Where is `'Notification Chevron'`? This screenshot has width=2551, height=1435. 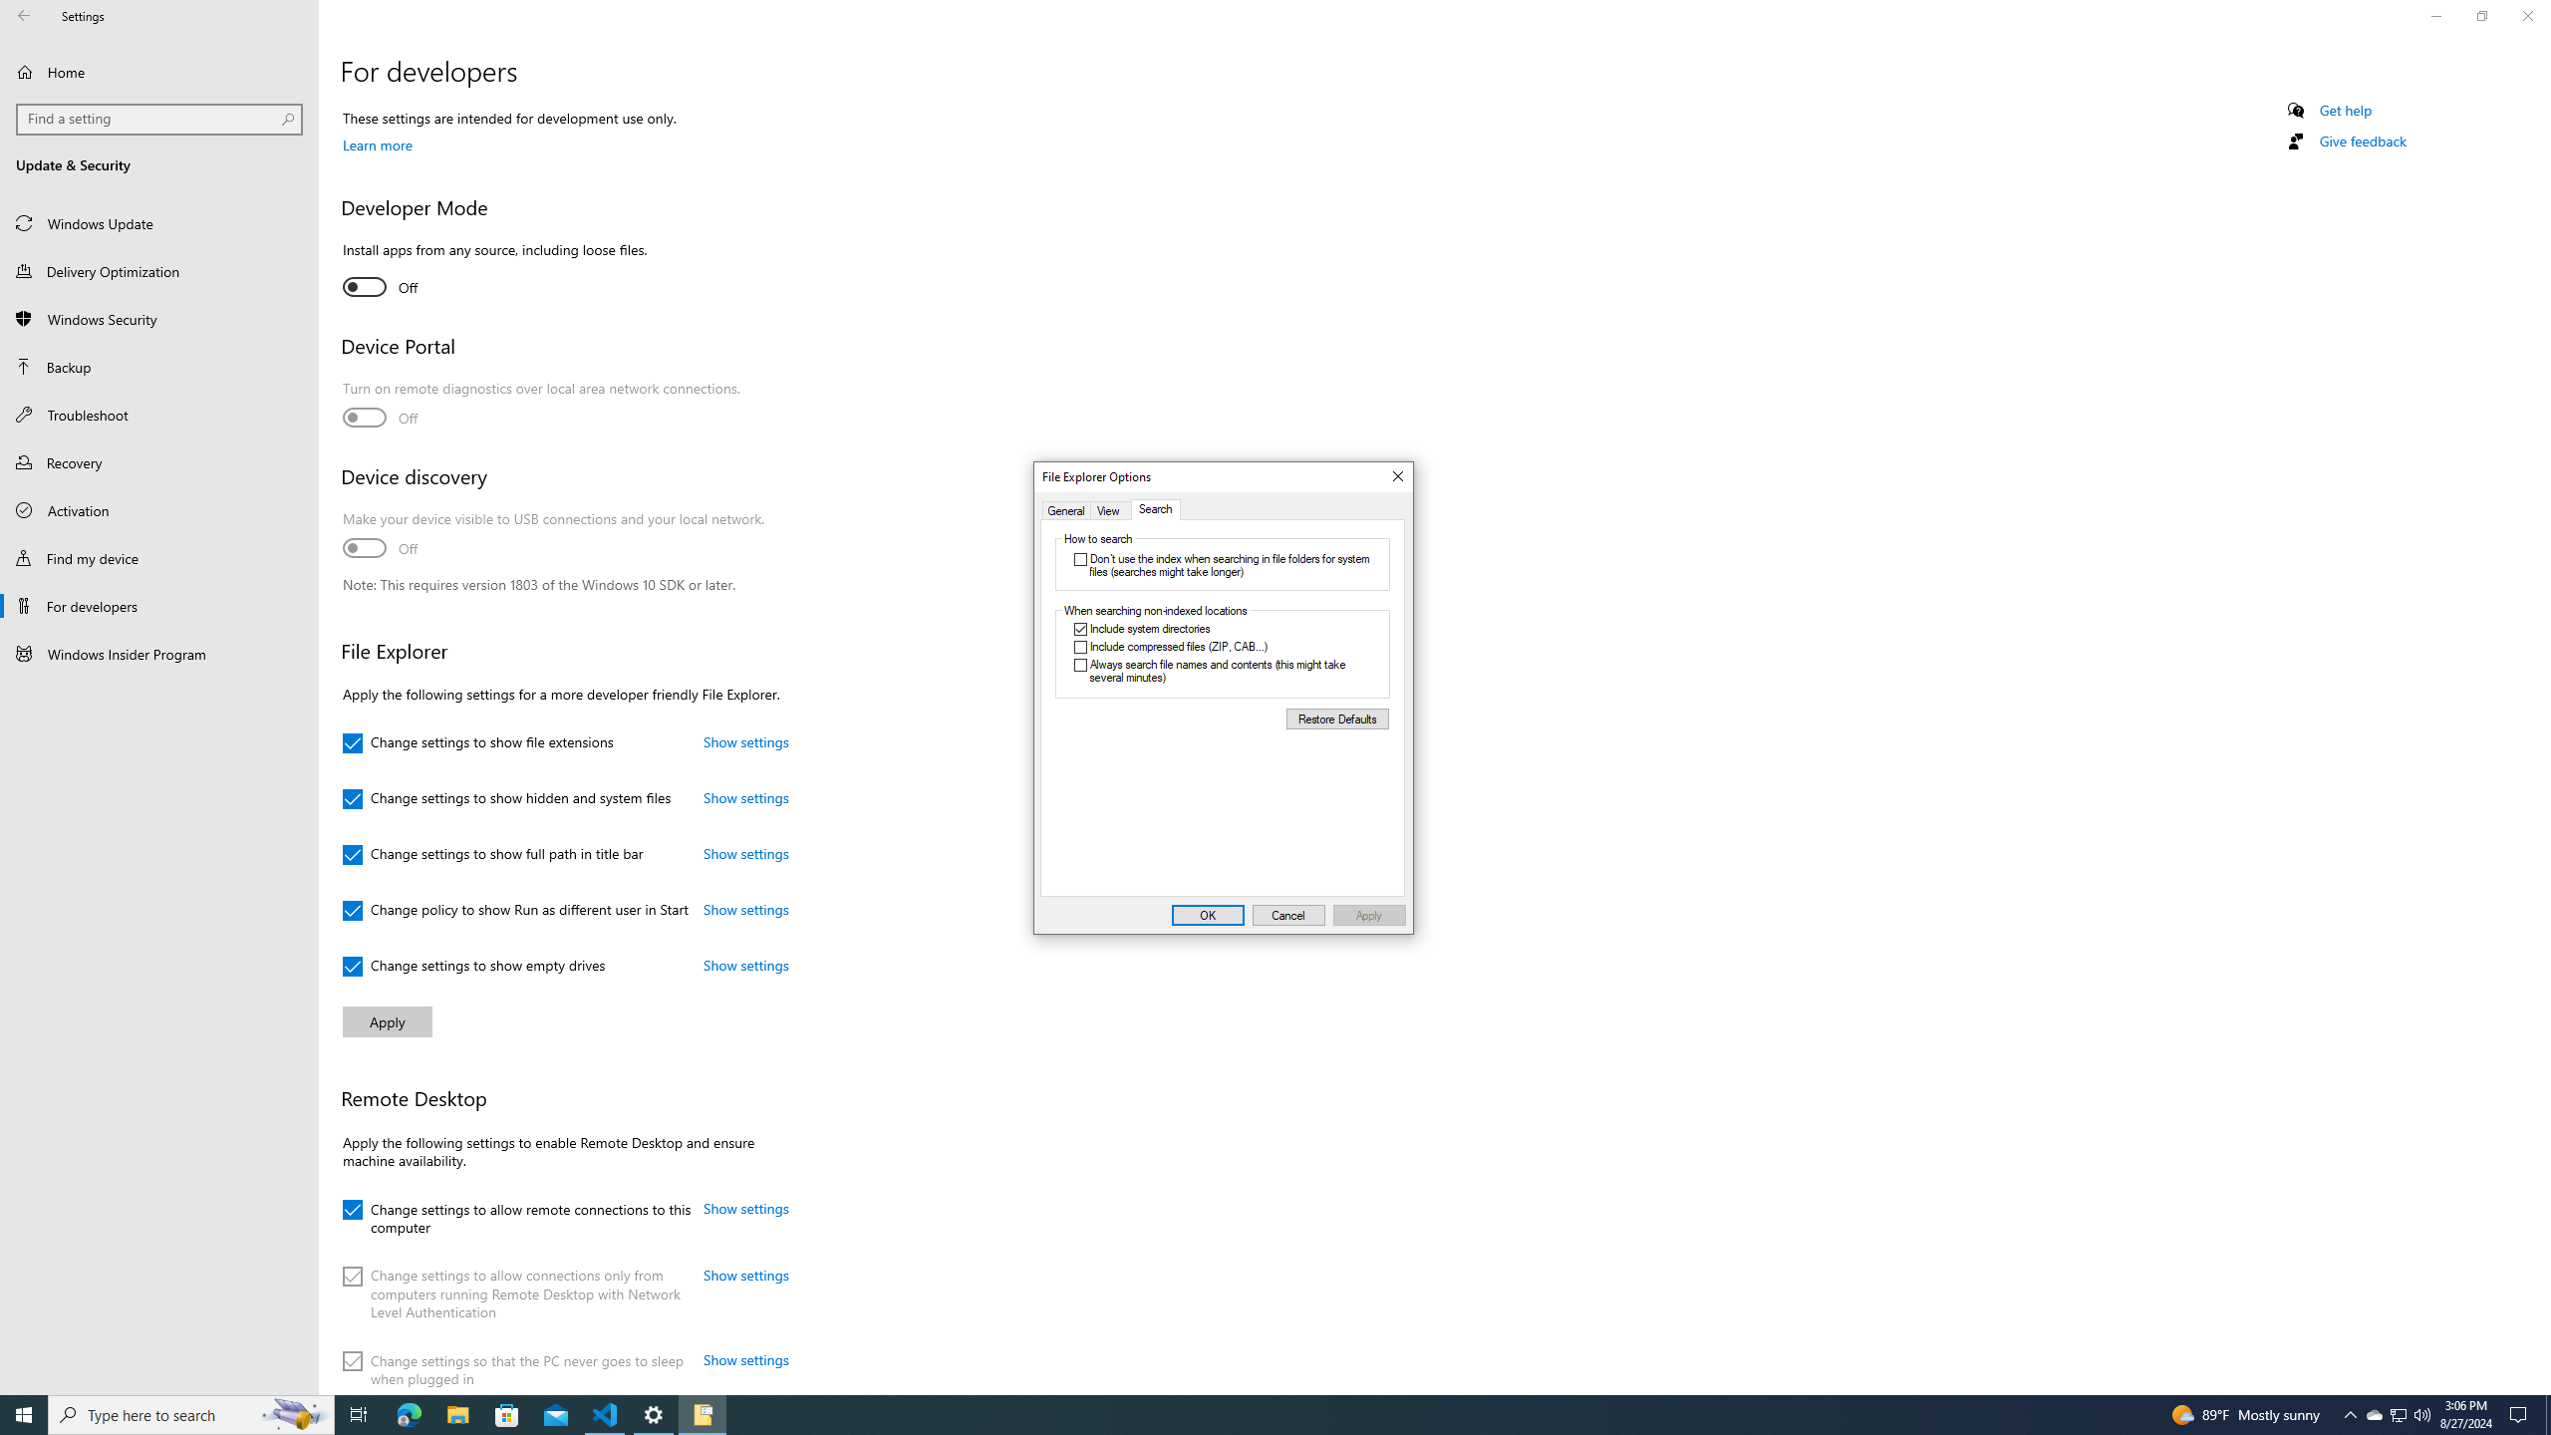
'Notification Chevron' is located at coordinates (2420, 1413).